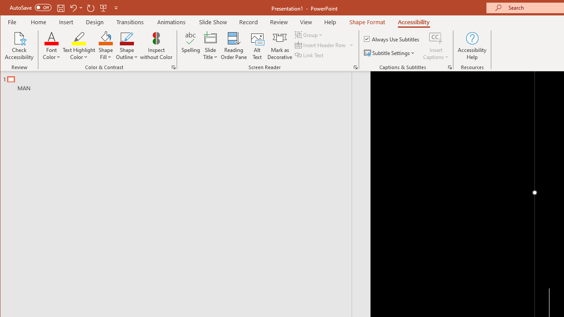 The image size is (564, 317). Describe the element at coordinates (449, 67) in the screenshot. I see `'Captions & Subtitles'` at that location.